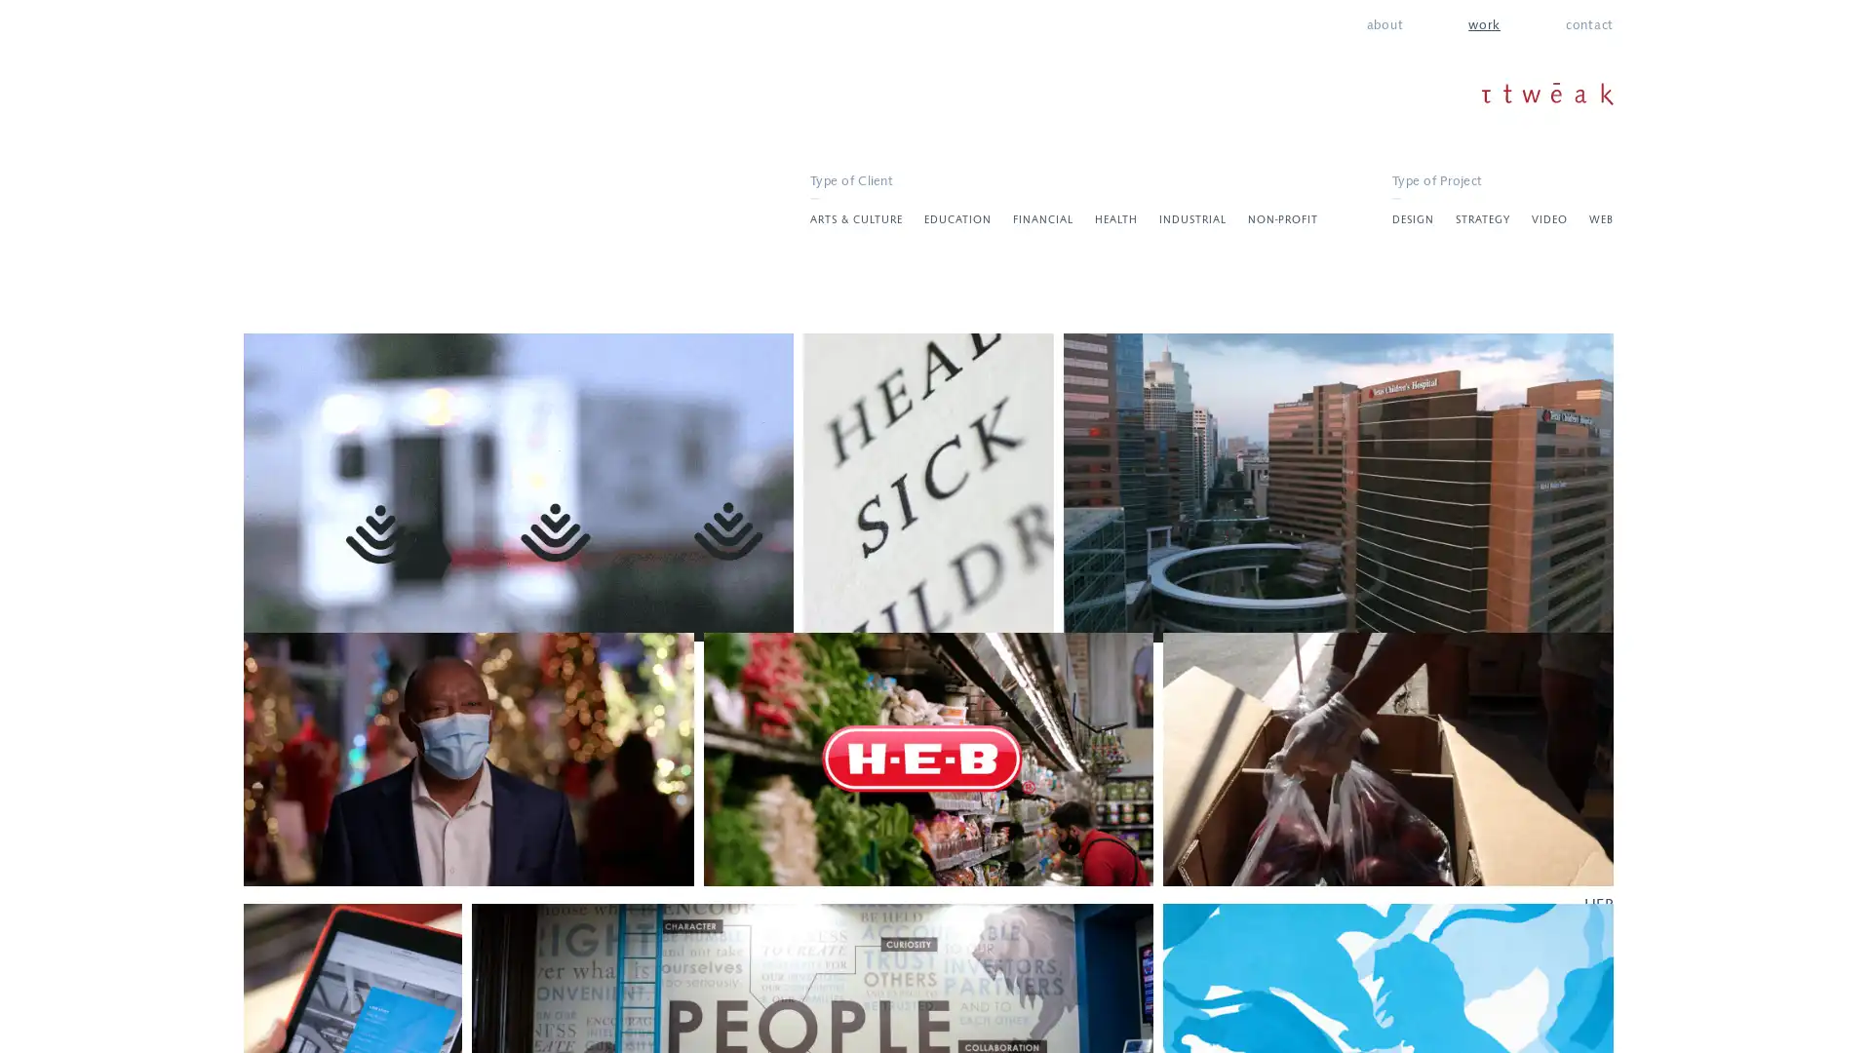  I want to click on STRATEGY, so click(1482, 219).